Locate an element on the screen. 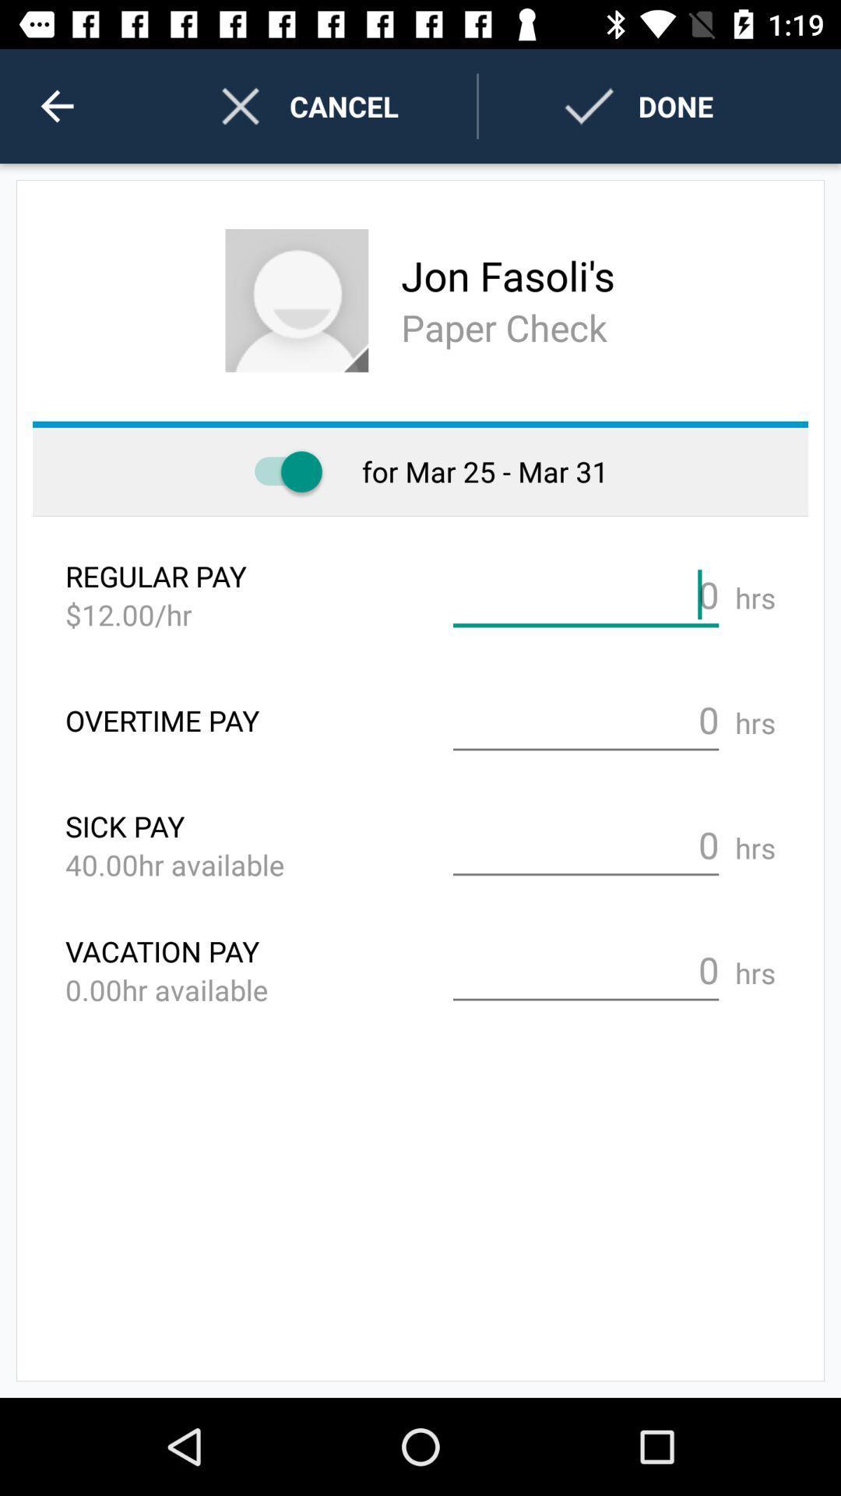  overtime is located at coordinates (586, 719).